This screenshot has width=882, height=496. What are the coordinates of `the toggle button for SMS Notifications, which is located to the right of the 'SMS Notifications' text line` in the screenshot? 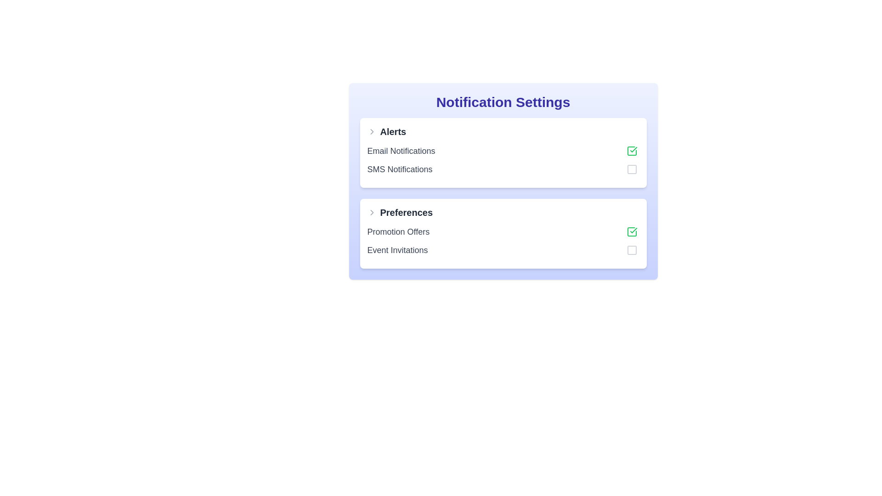 It's located at (631, 169).